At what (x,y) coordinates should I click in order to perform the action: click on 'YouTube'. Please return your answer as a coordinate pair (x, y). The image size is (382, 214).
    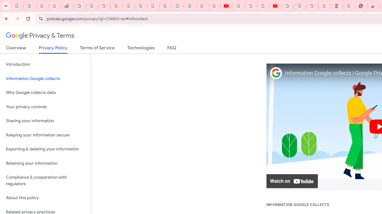
    Looking at the image, I should click on (226, 6).